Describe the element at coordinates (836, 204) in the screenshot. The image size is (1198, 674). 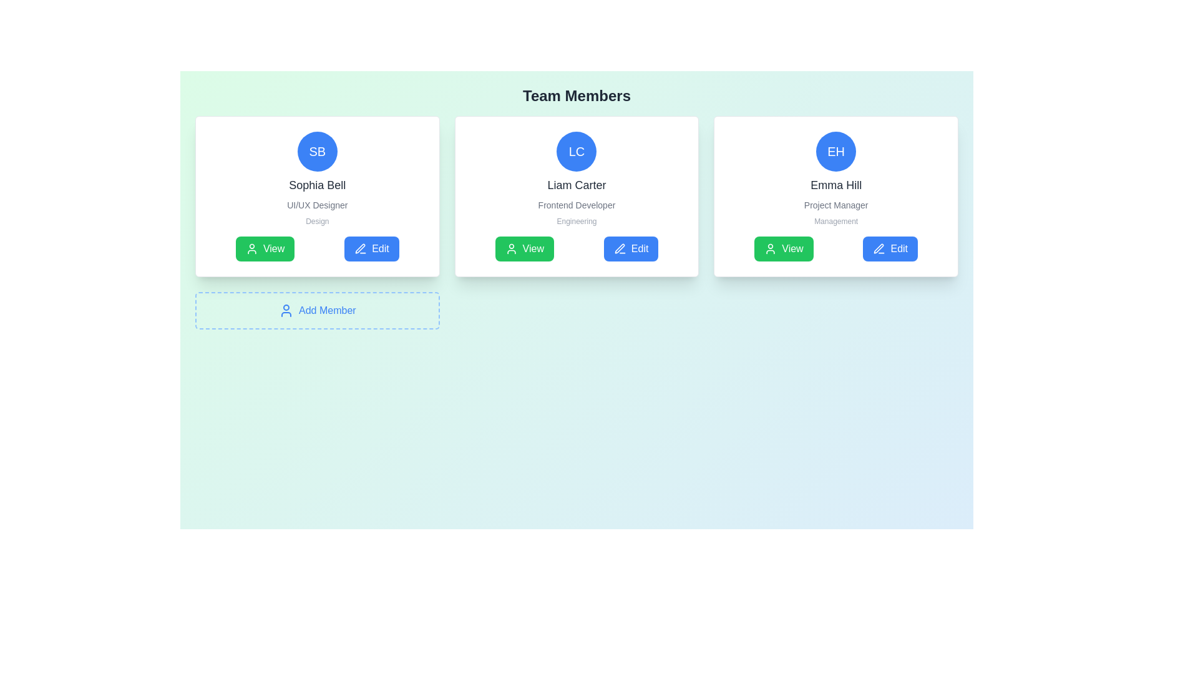
I see `the Text Label element displaying 'Project Manager', which is positioned below the name 'Emma Hill' and above the designation 'Management' in the rightmost user information card` at that location.